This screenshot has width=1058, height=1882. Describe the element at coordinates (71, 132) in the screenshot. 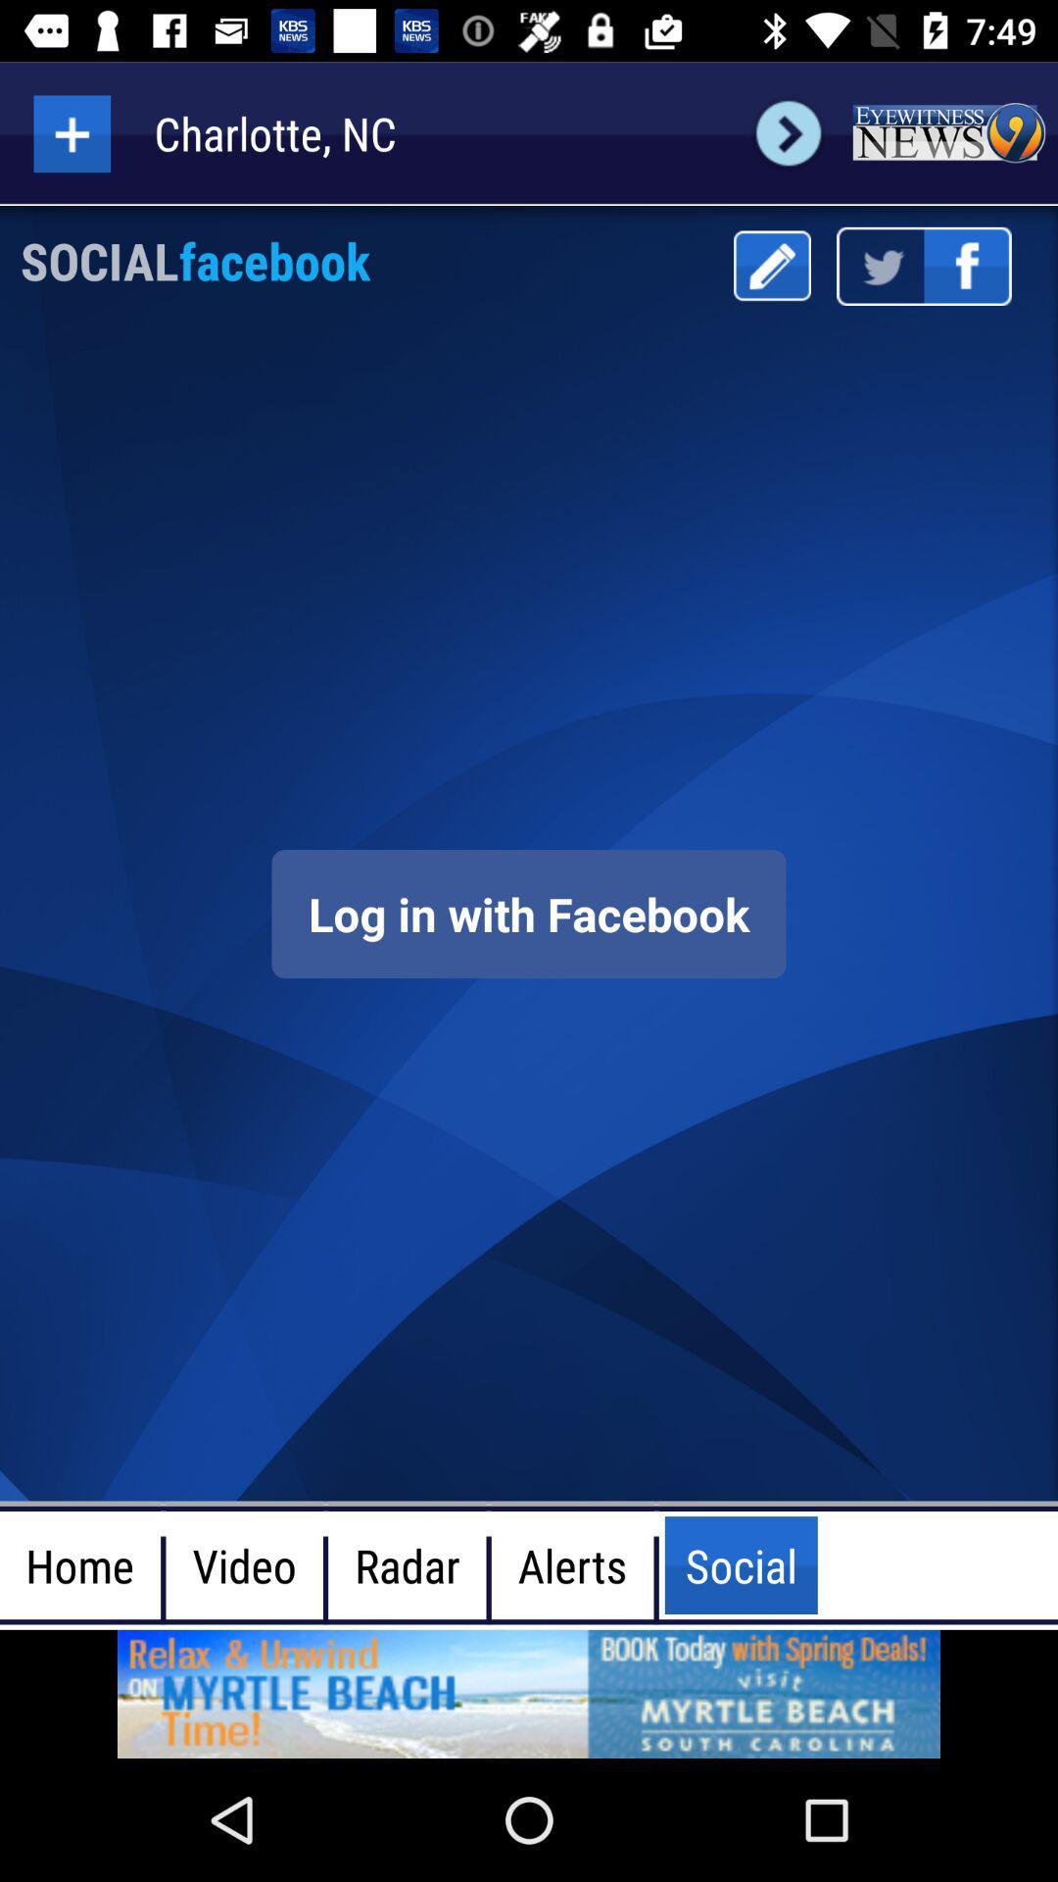

I see `add to feature` at that location.